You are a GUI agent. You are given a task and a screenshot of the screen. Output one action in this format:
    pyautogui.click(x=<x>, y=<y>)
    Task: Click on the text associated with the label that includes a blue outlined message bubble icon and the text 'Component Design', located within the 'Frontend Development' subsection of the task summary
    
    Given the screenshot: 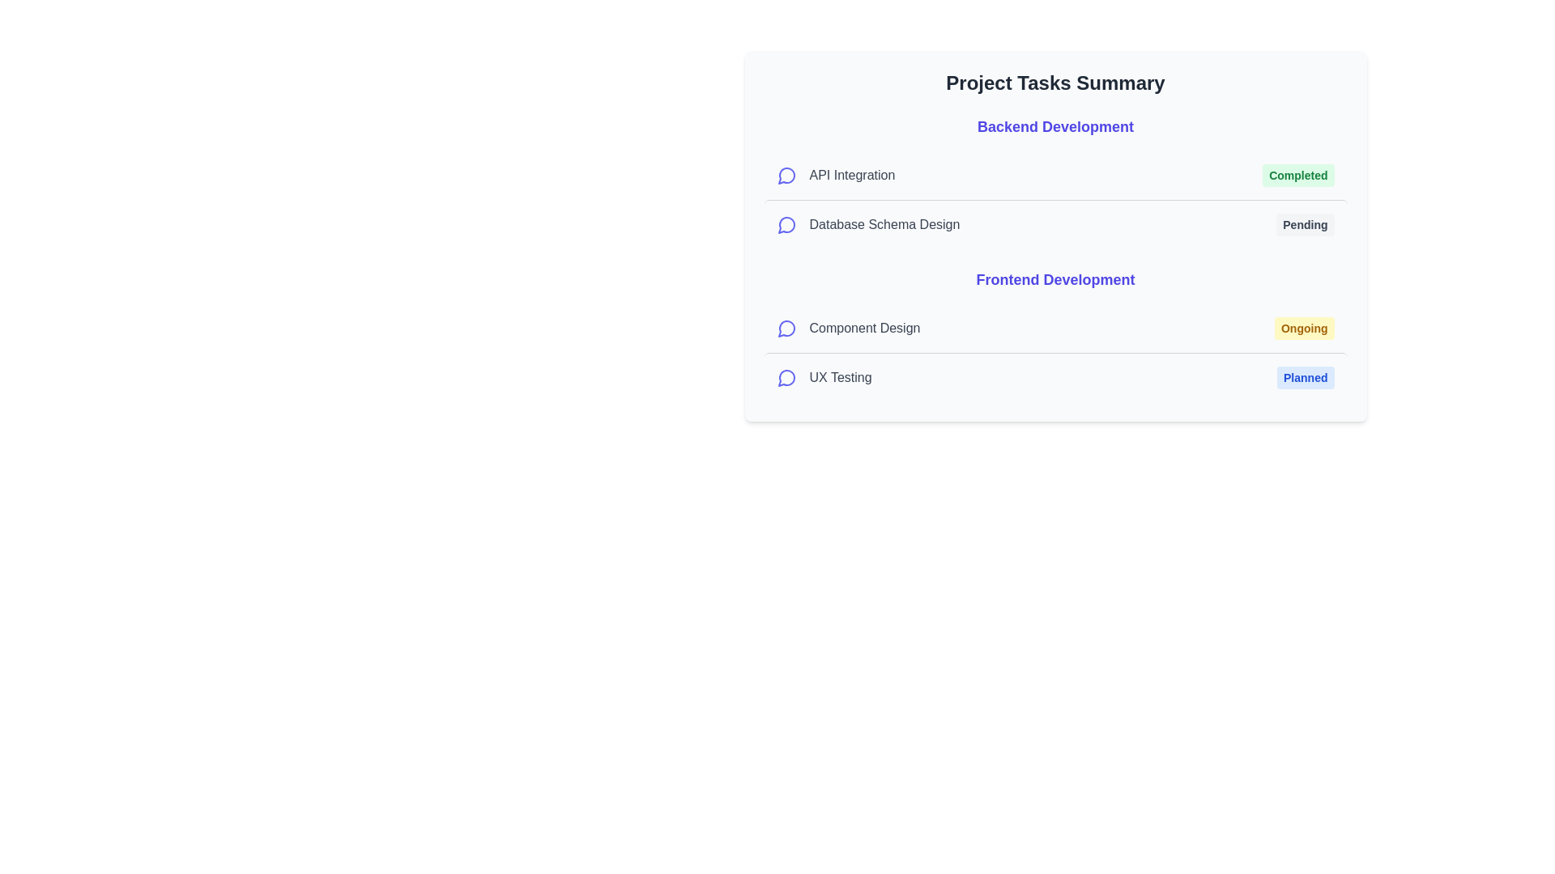 What is the action you would take?
    pyautogui.click(x=847, y=328)
    